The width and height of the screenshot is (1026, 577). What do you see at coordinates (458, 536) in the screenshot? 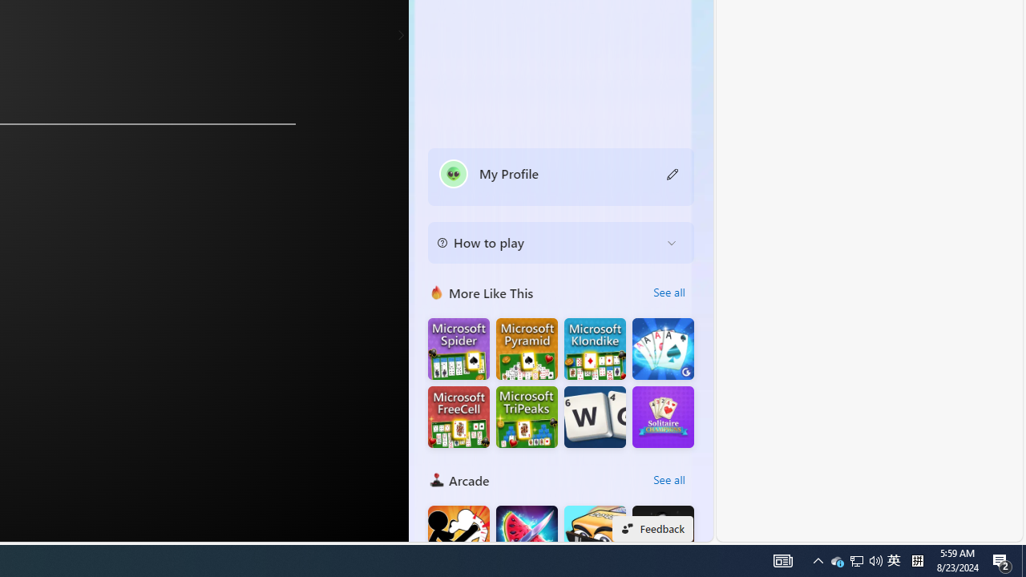
I see `'Stickman Fighter : Mega Brawl'` at bounding box center [458, 536].